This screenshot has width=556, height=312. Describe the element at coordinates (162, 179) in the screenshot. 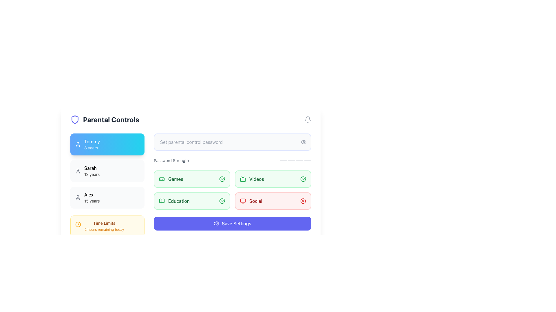

I see `the green gamepad icon located to the left of the text 'Games' within the 'Password Strength' section` at that location.